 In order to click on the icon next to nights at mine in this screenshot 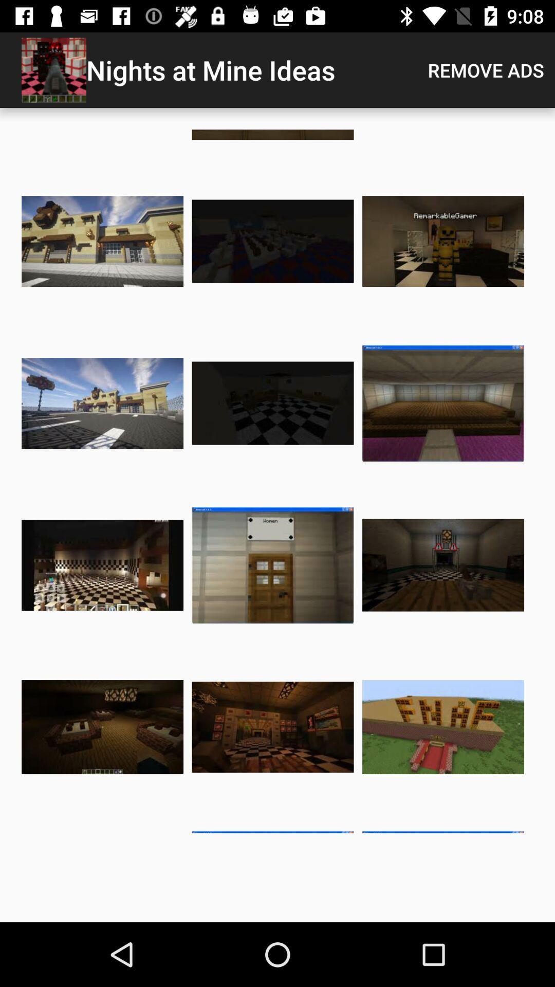, I will do `click(486, 69)`.